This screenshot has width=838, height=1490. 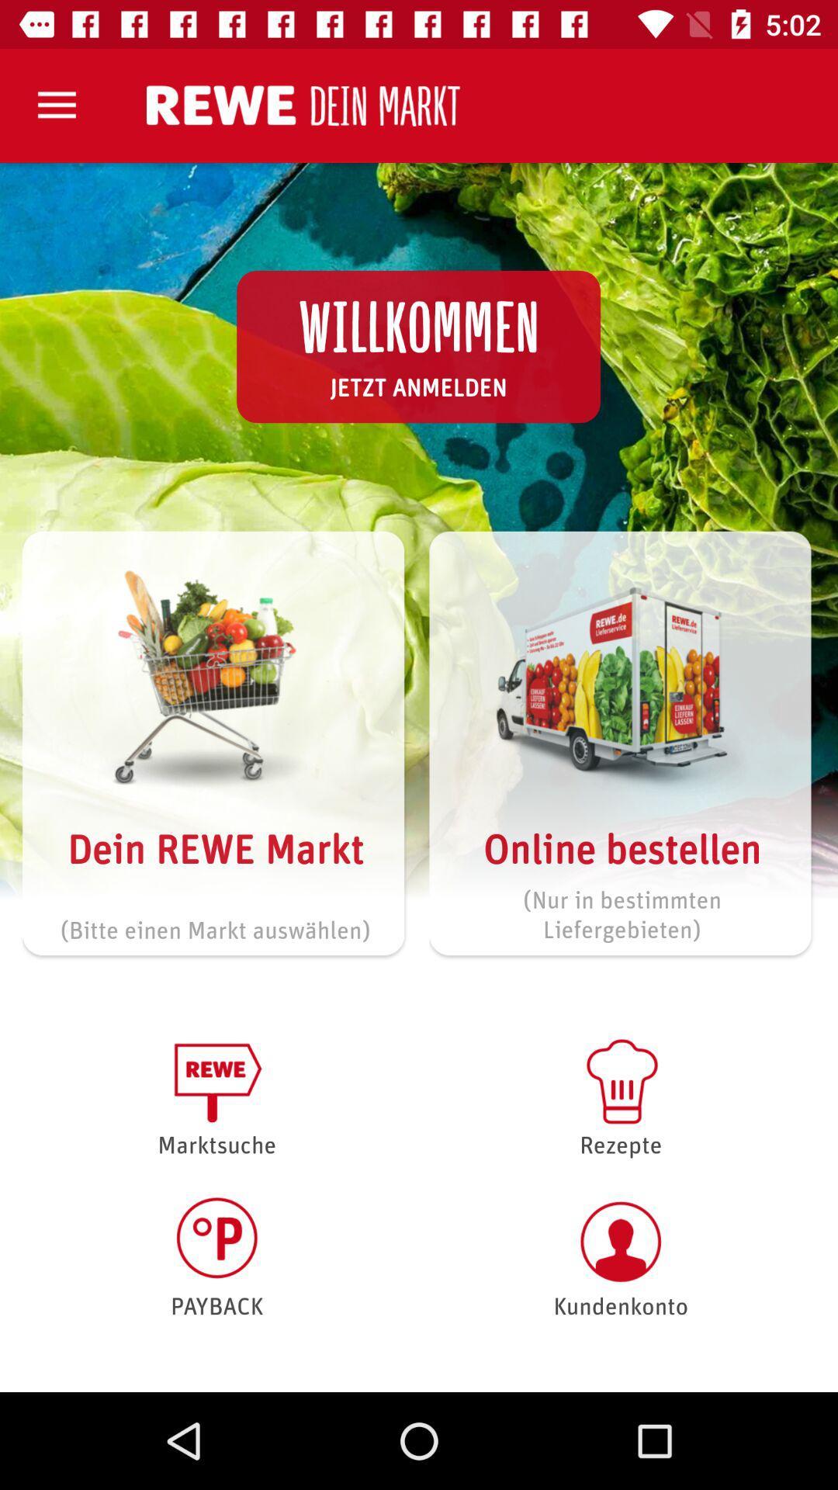 I want to click on the item at the top left corner, so click(x=56, y=105).